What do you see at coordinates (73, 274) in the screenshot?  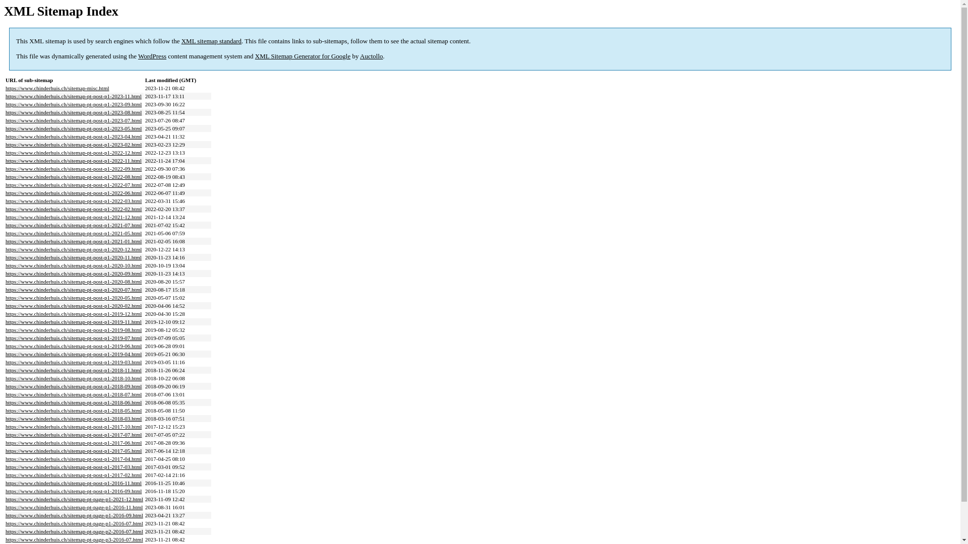 I see `'https://www.chinderhuis.ch/sitemap-pt-post-p1-2020-09.html'` at bounding box center [73, 274].